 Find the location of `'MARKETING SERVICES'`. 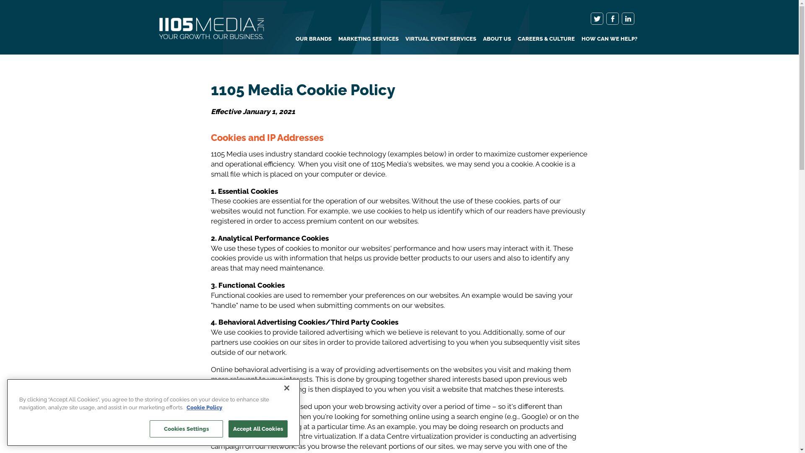

'MARKETING SERVICES' is located at coordinates (368, 39).